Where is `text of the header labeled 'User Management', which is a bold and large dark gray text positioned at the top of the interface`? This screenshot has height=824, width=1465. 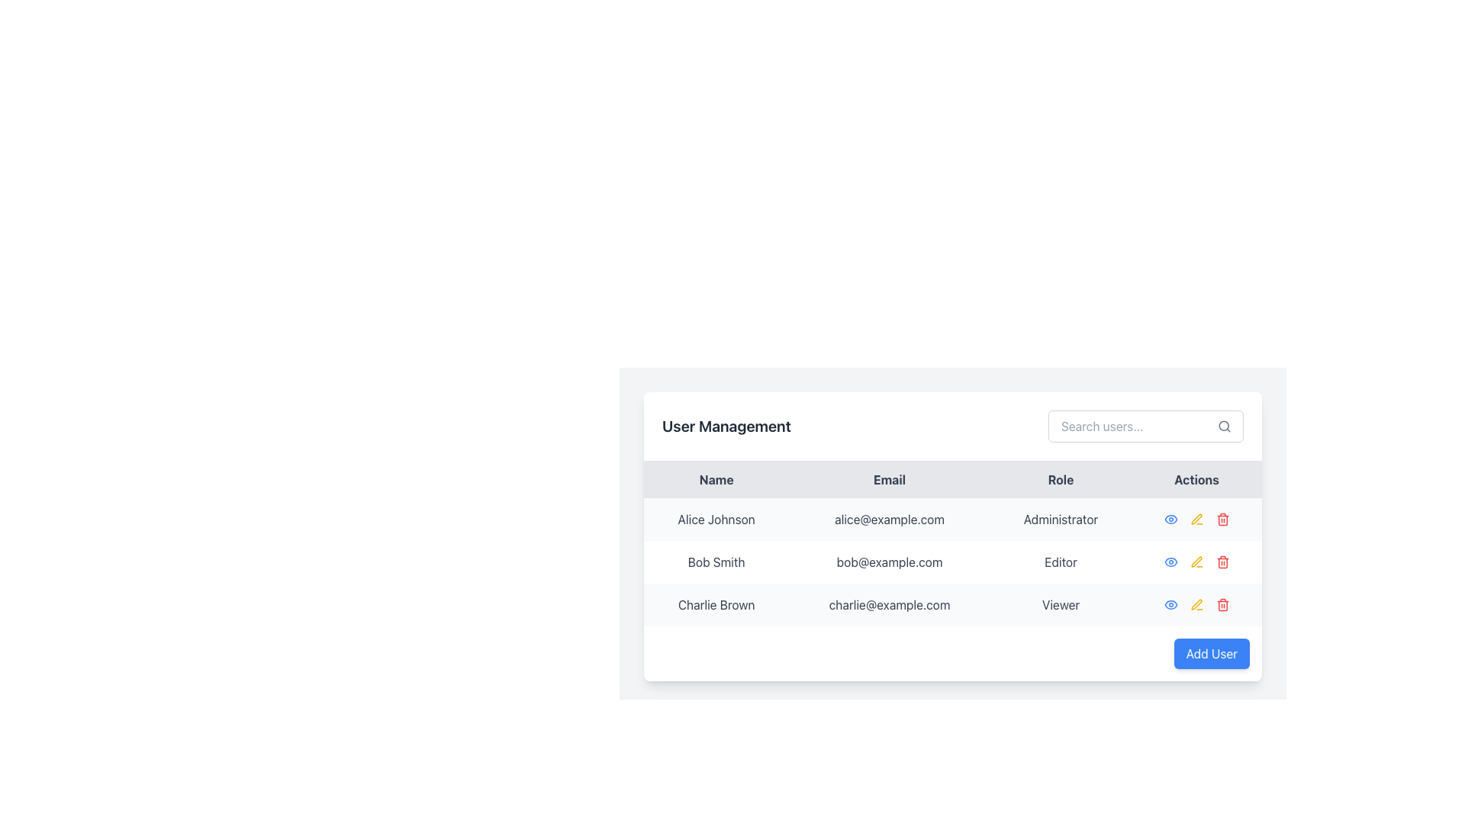
text of the header labeled 'User Management', which is a bold and large dark gray text positioned at the top of the interface is located at coordinates (726, 426).